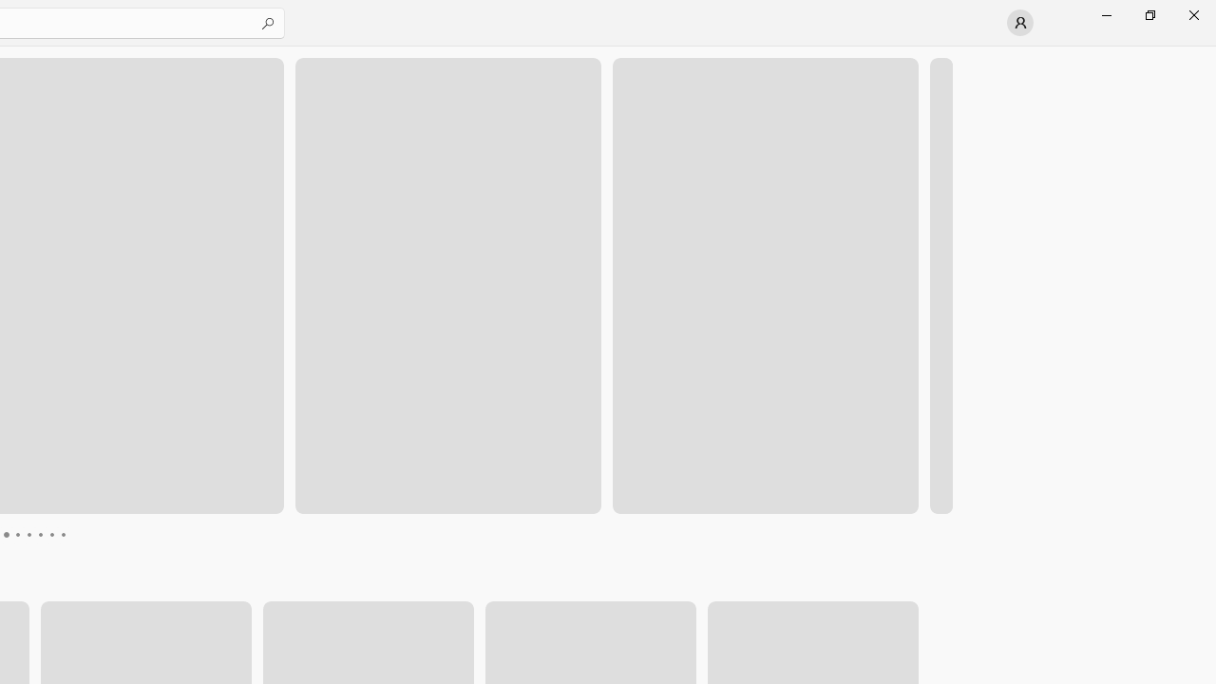 Image resolution: width=1216 pixels, height=684 pixels. What do you see at coordinates (62, 535) in the screenshot?
I see `'Page 8'` at bounding box center [62, 535].